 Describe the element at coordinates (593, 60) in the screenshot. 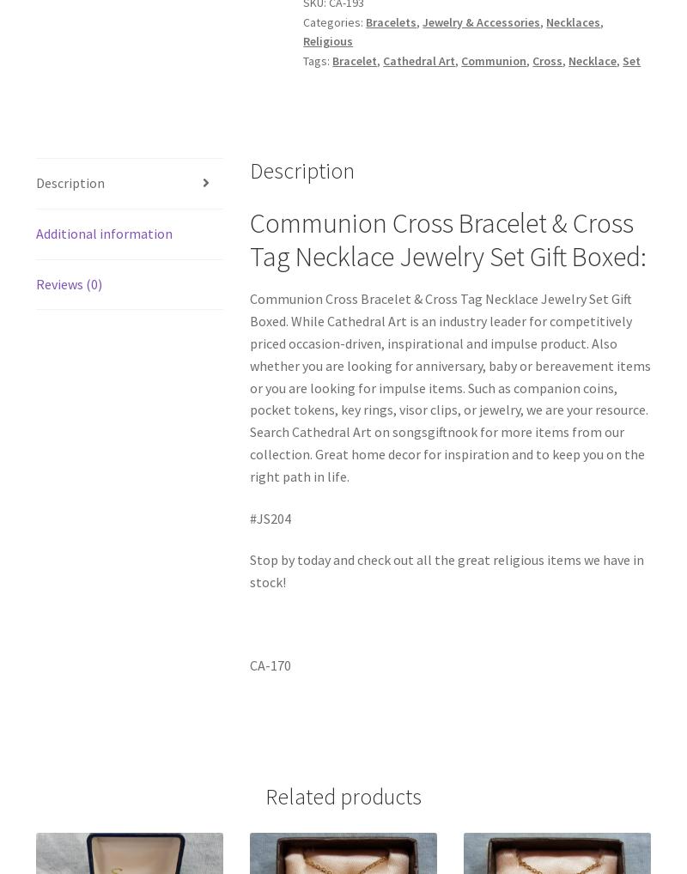

I see `'Necklace'` at that location.